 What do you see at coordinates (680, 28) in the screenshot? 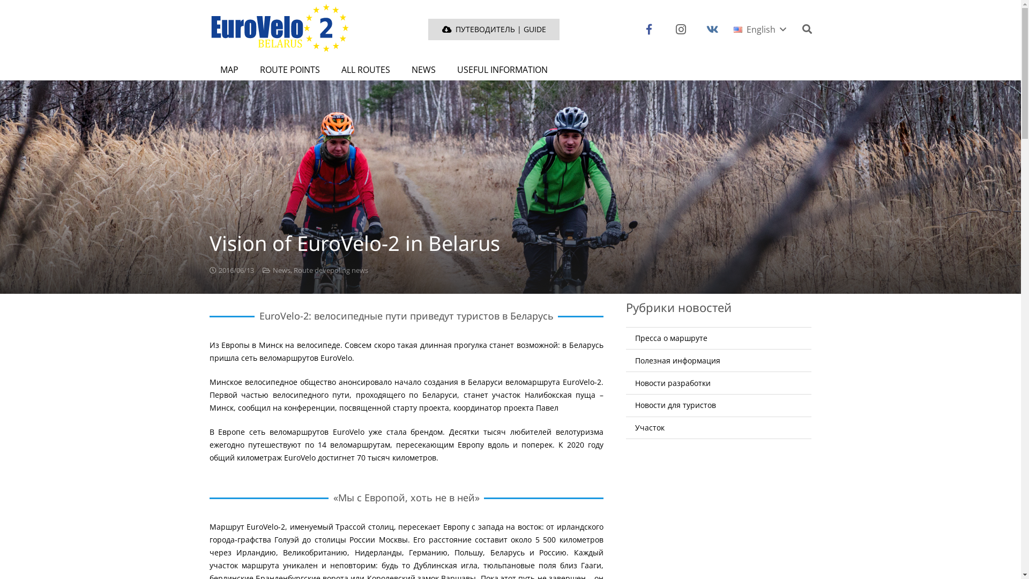
I see `'Instagram'` at bounding box center [680, 28].